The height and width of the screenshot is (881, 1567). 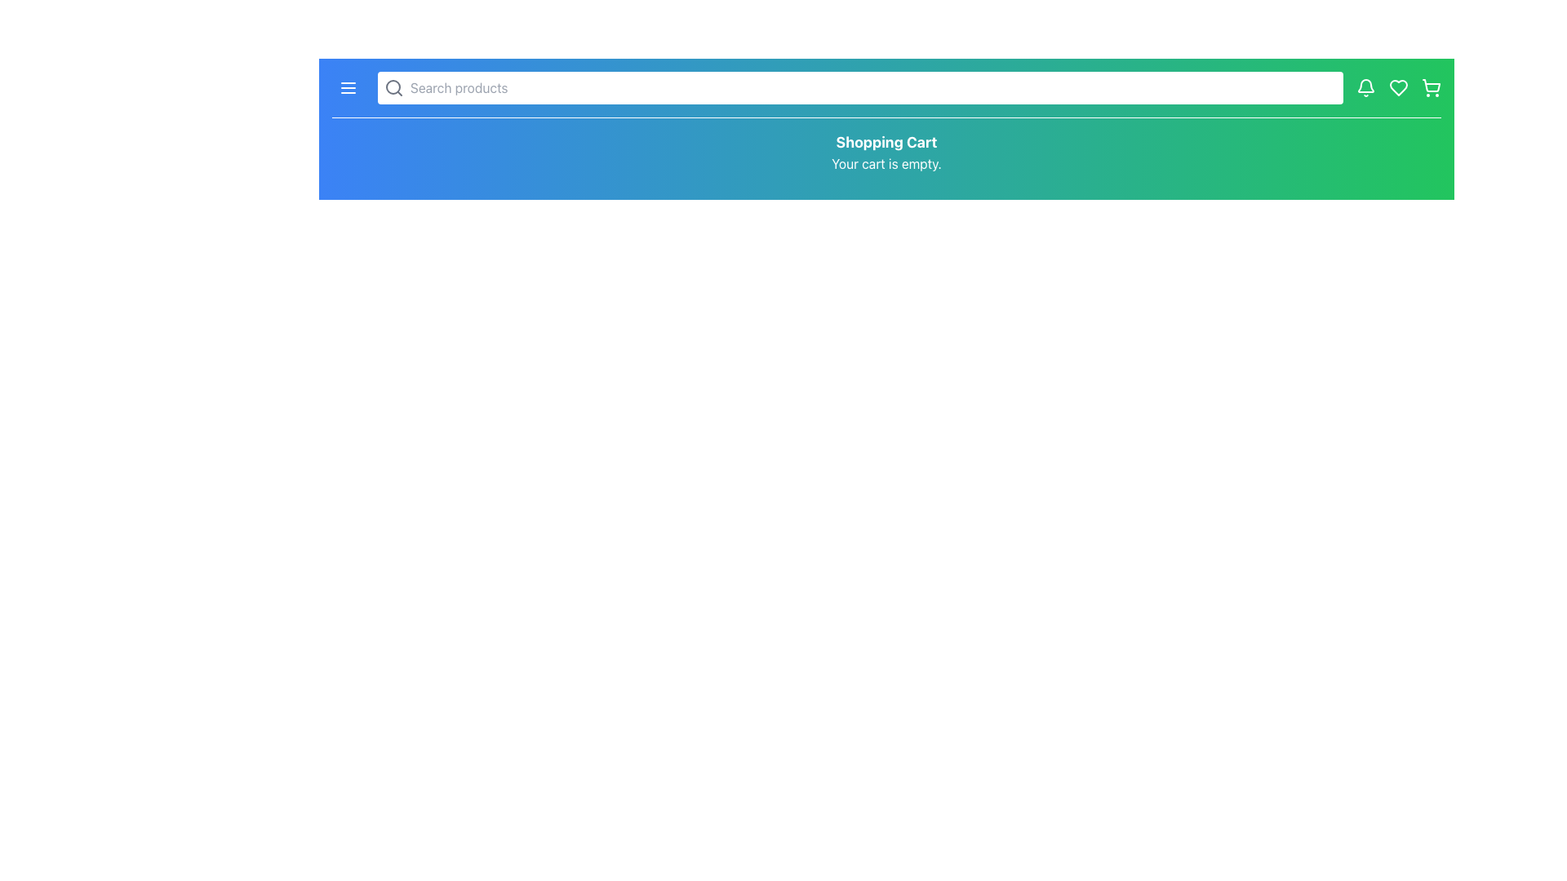 I want to click on the menu (hamburger) button located at the top-left corner of the interface, so click(x=348, y=88).